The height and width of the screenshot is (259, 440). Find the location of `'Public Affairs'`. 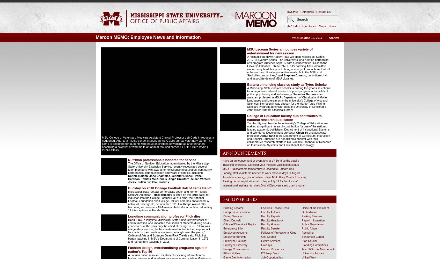

'Public Affairs' is located at coordinates (309, 228).